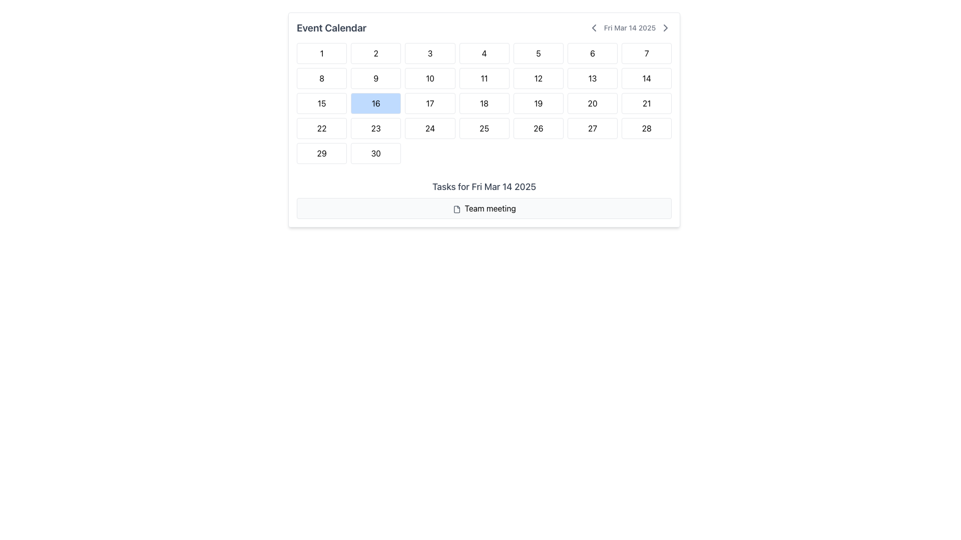 This screenshot has width=961, height=540. Describe the element at coordinates (593, 128) in the screenshot. I see `the Calendar Date Button representing the date '27'` at that location.